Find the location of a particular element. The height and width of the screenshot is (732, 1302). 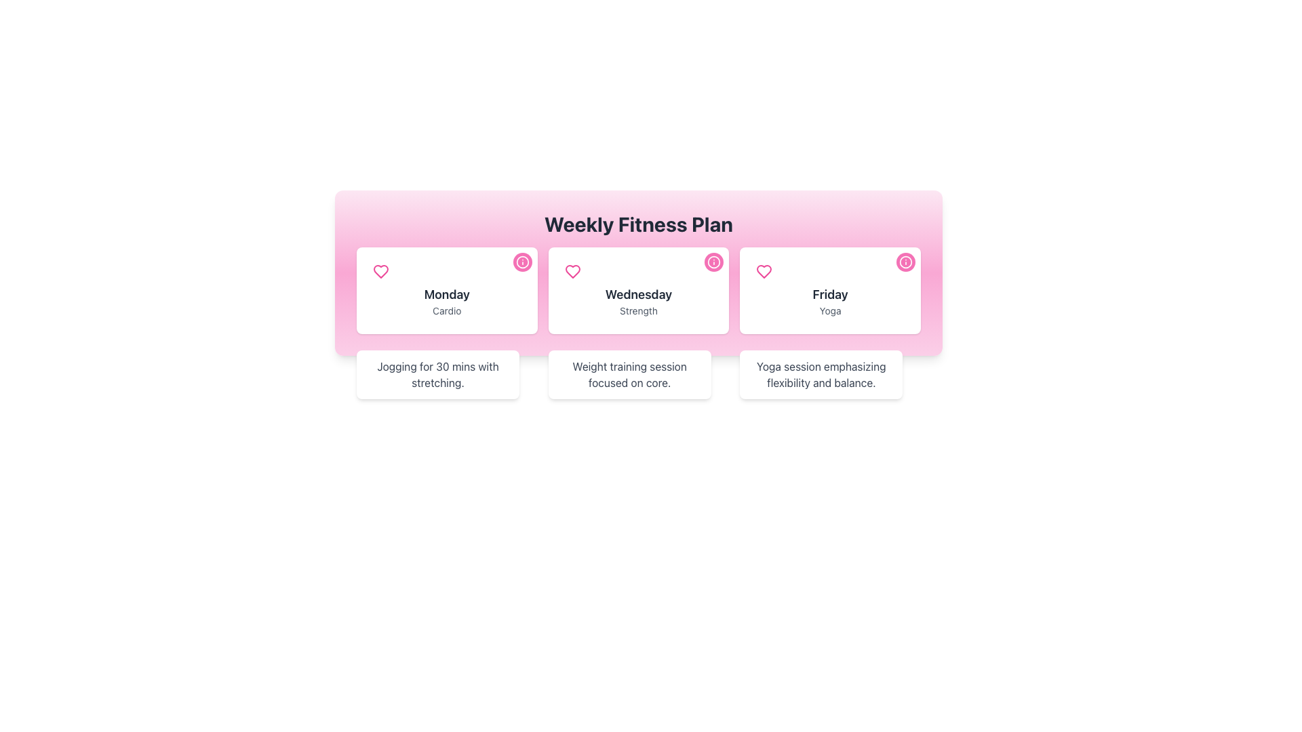

the heart-shaped icon outlined in pink to like or favorite the 'Monday' cardio card in the 'Weekly Fitness Plan' UI group is located at coordinates (380, 272).